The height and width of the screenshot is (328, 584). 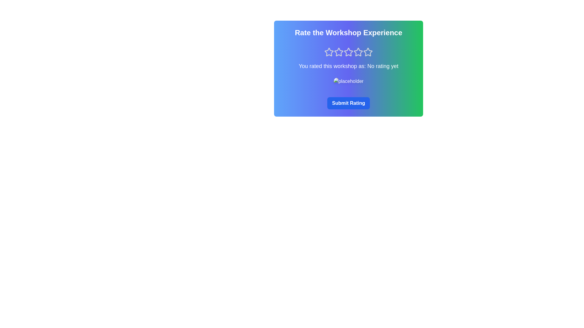 What do you see at coordinates (367, 52) in the screenshot?
I see `the star corresponding to 5 stars to preview the rating` at bounding box center [367, 52].